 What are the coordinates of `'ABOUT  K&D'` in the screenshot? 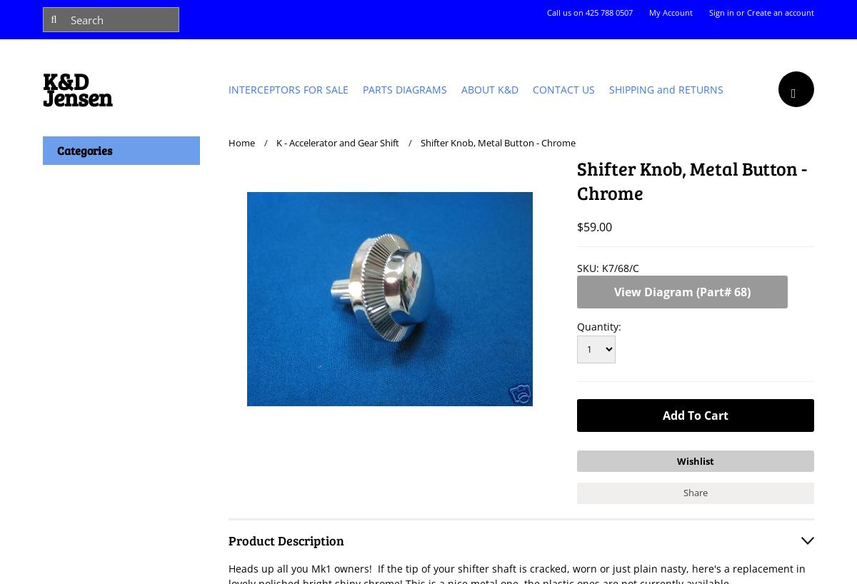 It's located at (490, 89).